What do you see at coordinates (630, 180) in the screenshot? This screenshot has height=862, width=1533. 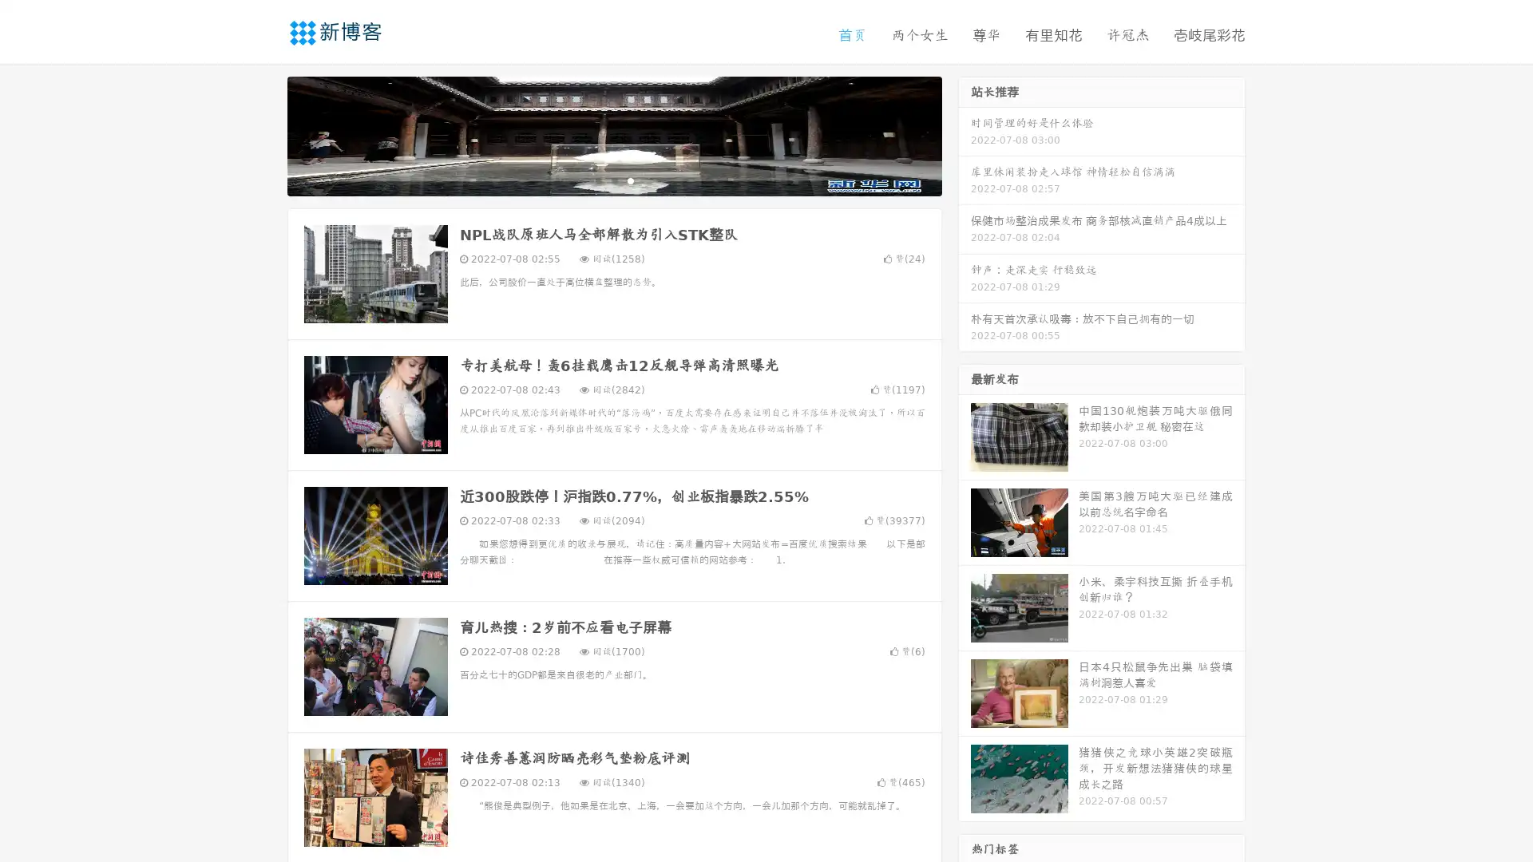 I see `Go to slide 3` at bounding box center [630, 180].